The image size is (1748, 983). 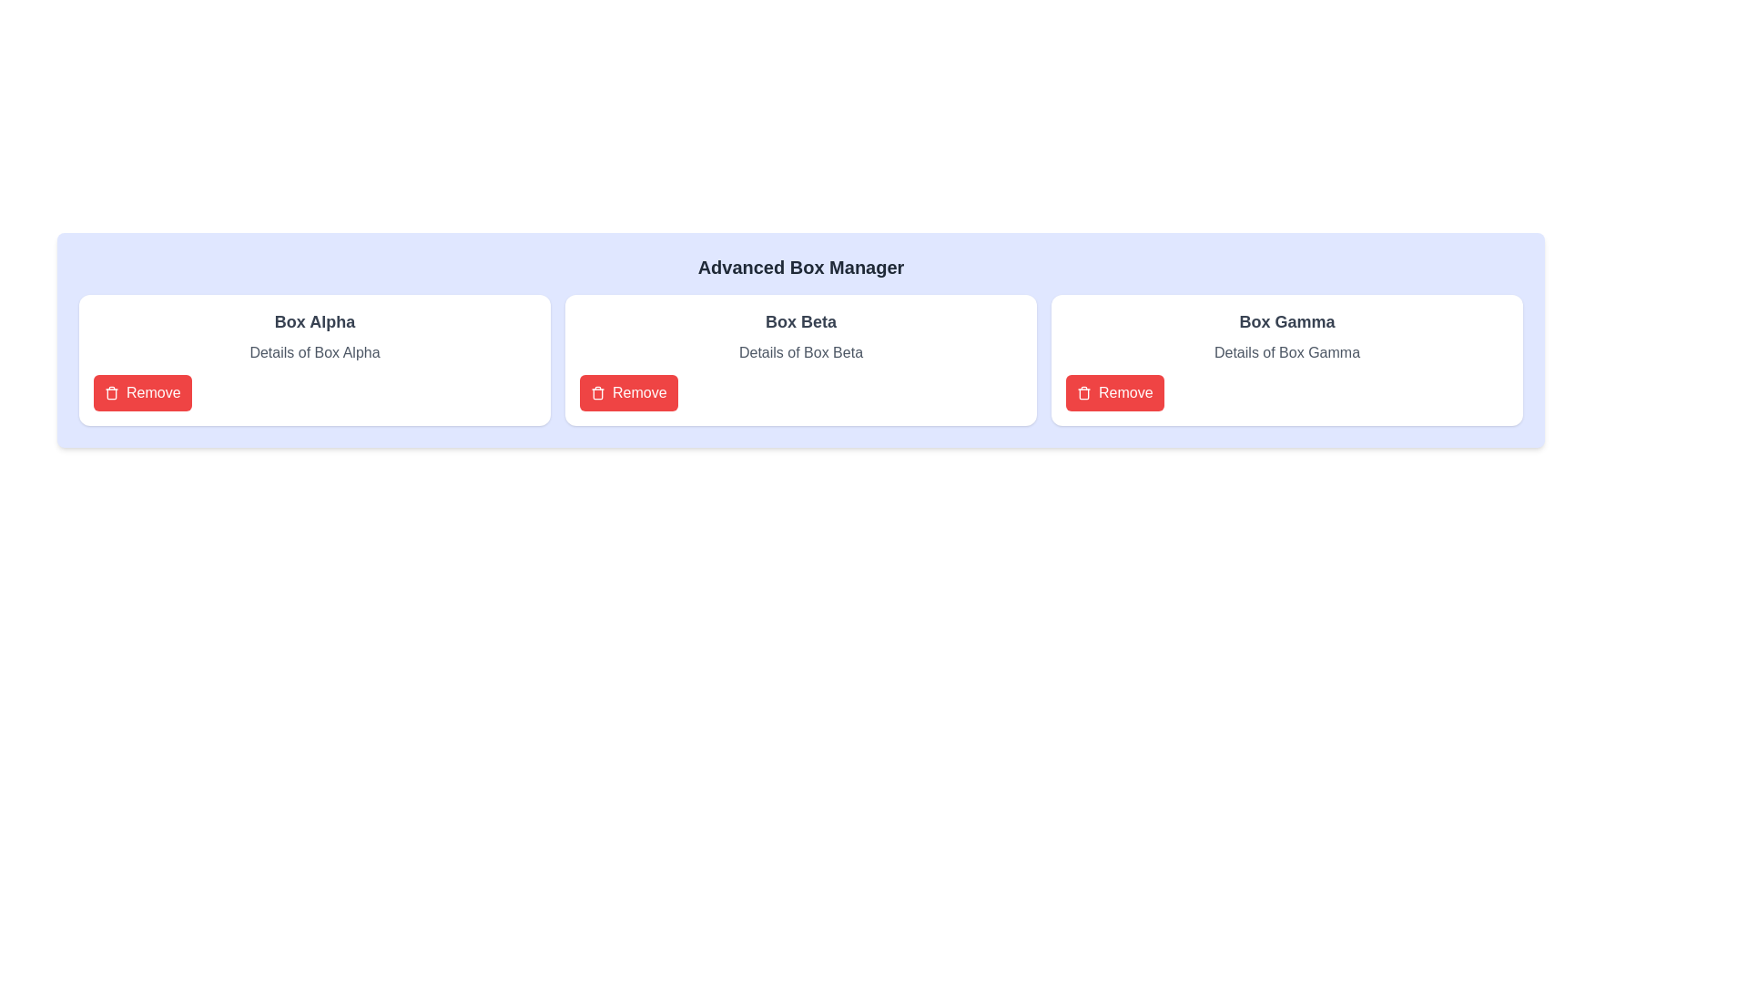 What do you see at coordinates (1286, 353) in the screenshot?
I see `the static text displaying 'Details of Box Gamma', which is positioned beneath the title 'Box Gamma' in the card labeled 'Box Gamma'` at bounding box center [1286, 353].